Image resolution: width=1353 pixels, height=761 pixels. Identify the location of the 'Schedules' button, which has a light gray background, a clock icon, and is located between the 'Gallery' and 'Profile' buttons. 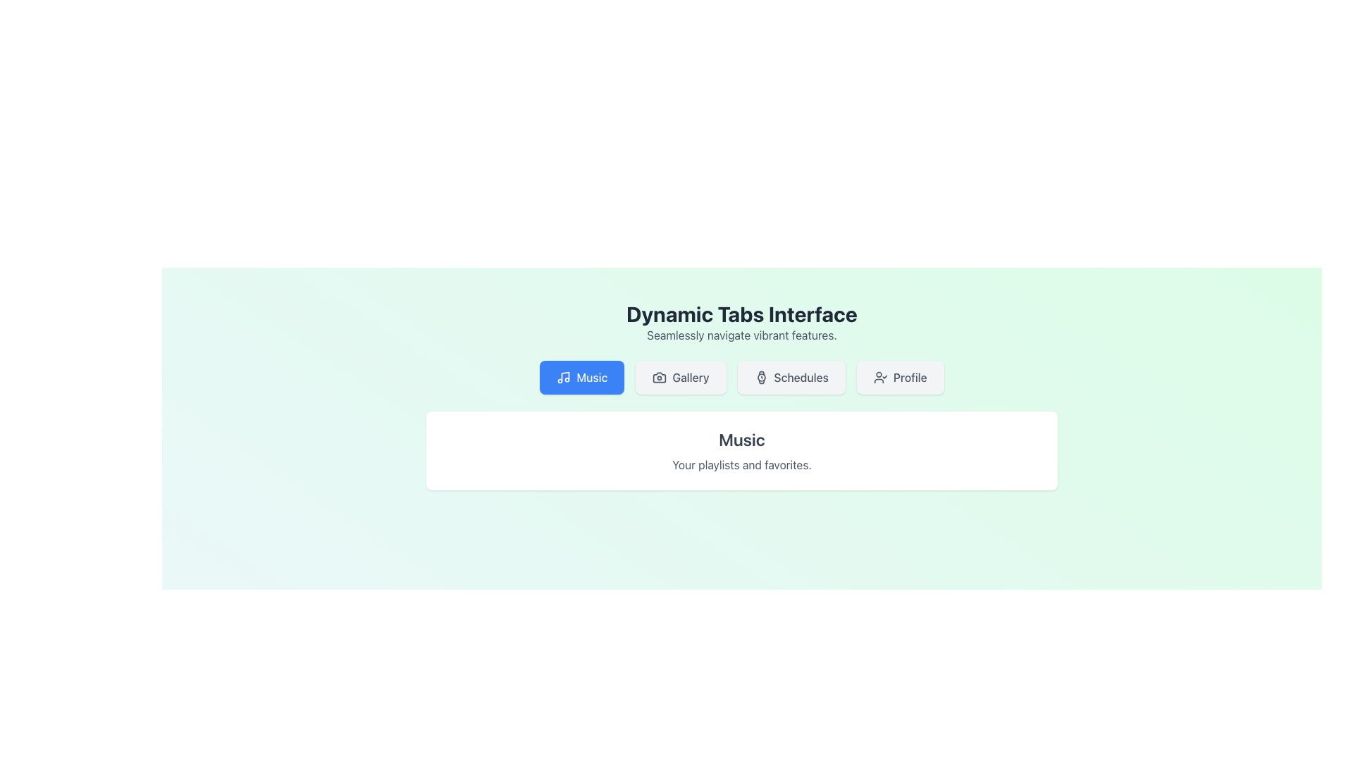
(791, 377).